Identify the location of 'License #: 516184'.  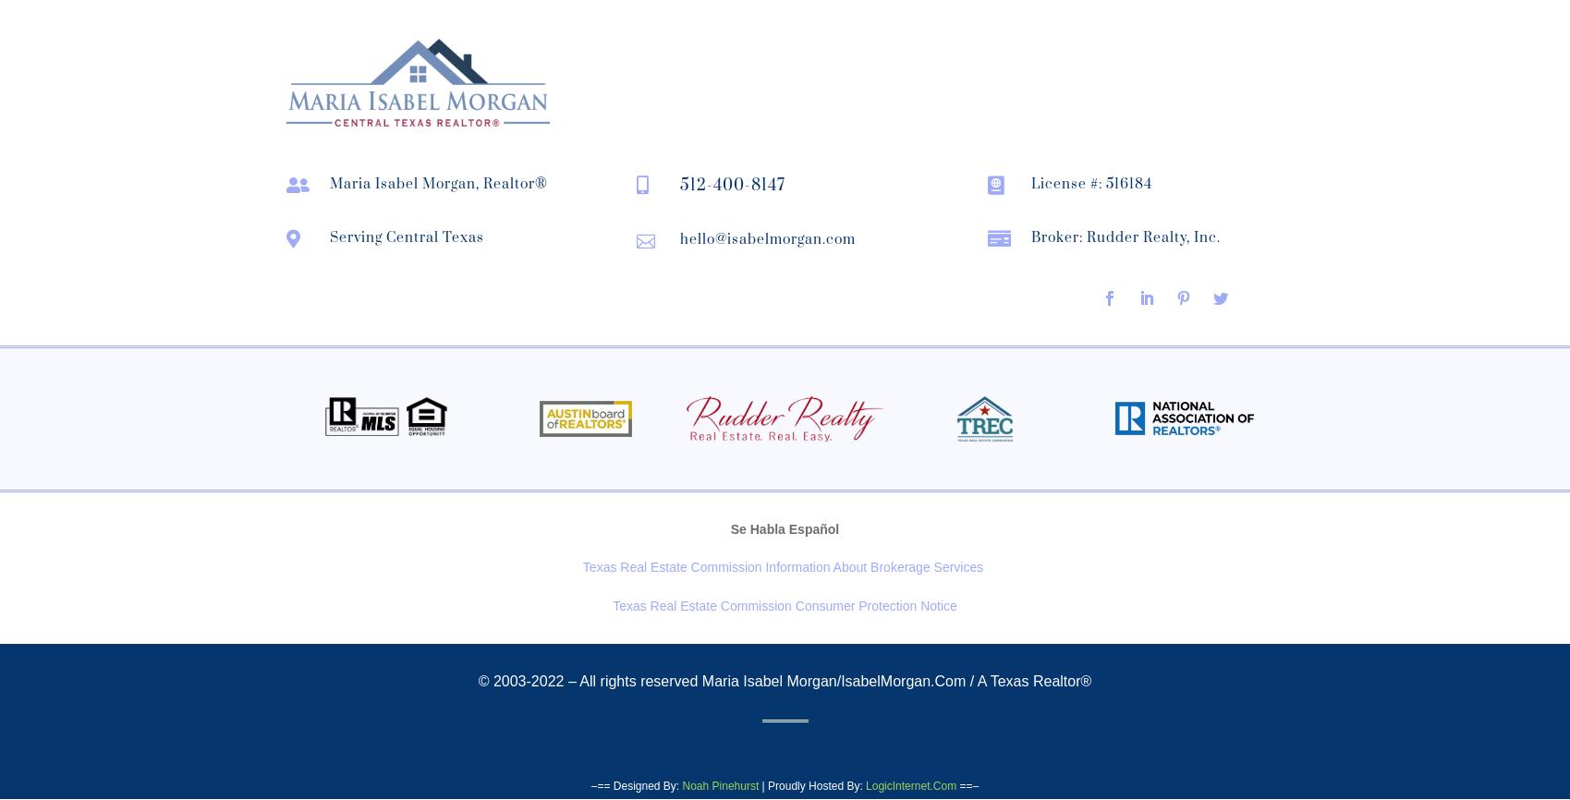
(1091, 183).